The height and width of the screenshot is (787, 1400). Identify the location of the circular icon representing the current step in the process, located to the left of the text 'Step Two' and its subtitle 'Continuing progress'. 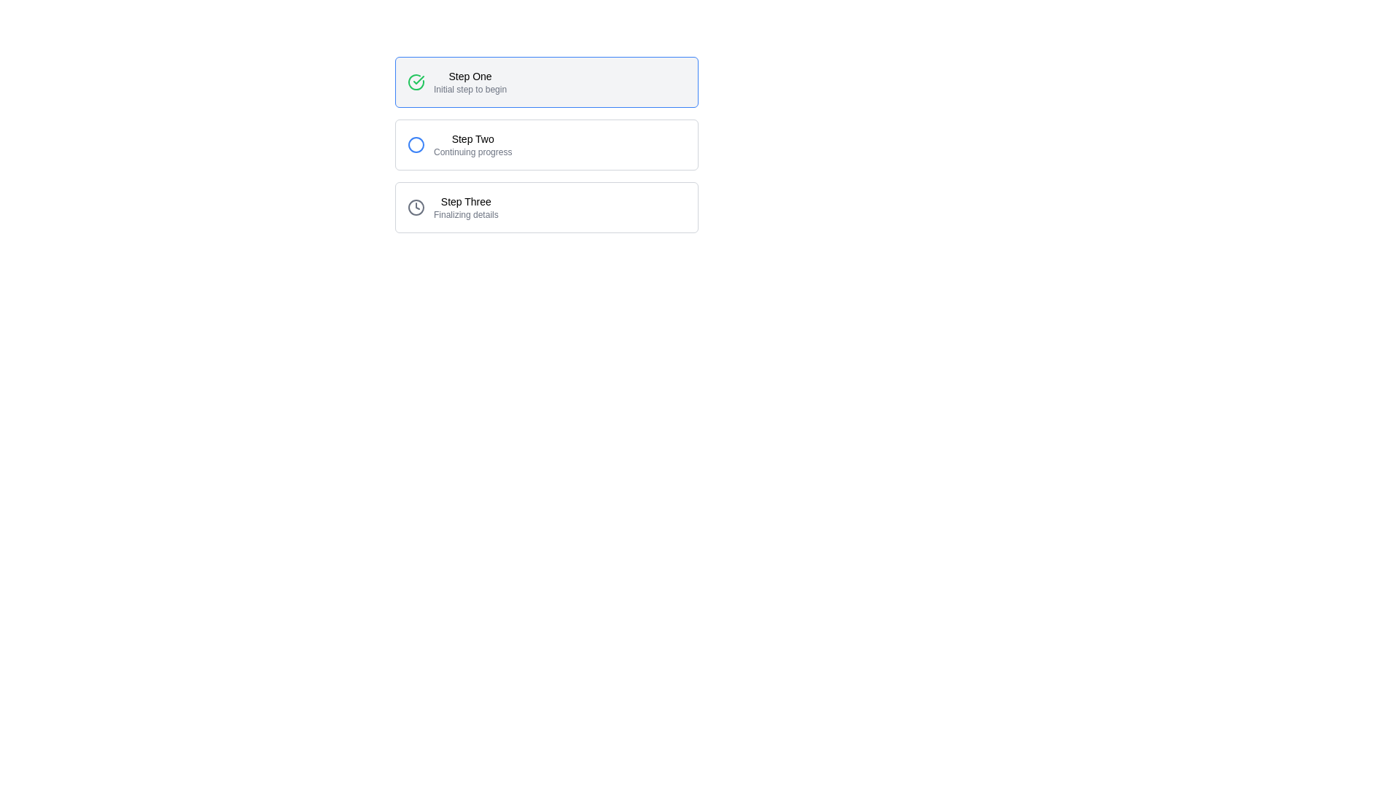
(416, 145).